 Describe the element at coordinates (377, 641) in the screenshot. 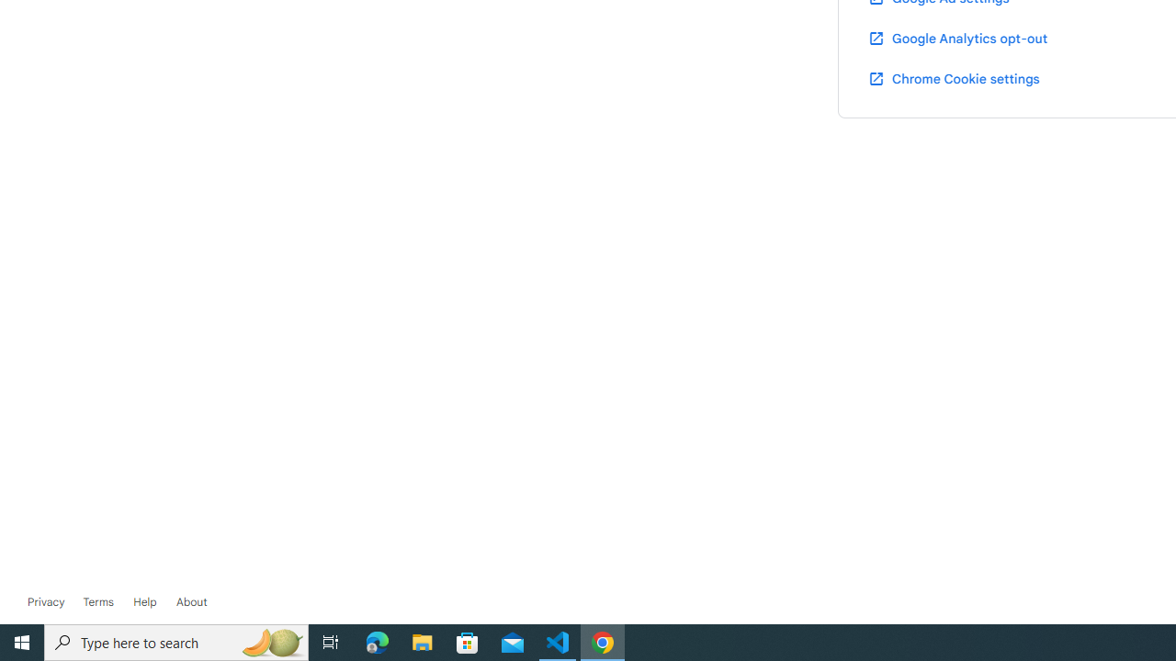

I see `'Microsoft Edge'` at that location.